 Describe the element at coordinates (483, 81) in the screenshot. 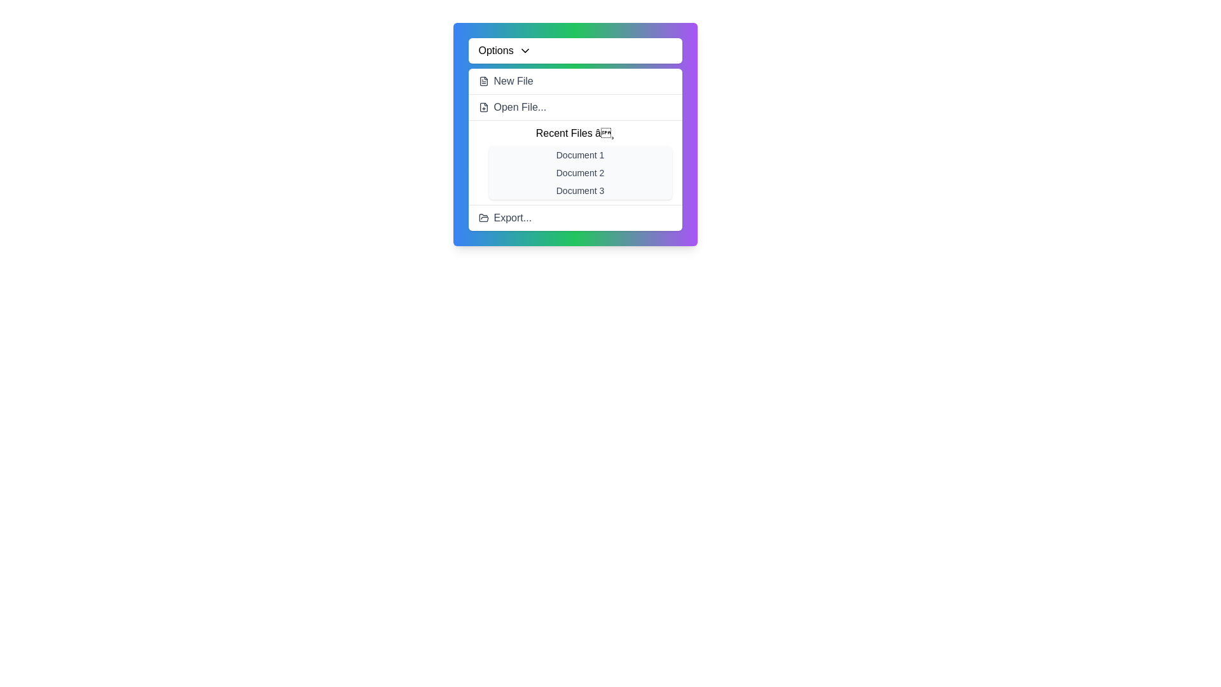

I see `the 'New File' icon, which is the first icon to the left of the text 'New File' in the dropdown menu` at that location.